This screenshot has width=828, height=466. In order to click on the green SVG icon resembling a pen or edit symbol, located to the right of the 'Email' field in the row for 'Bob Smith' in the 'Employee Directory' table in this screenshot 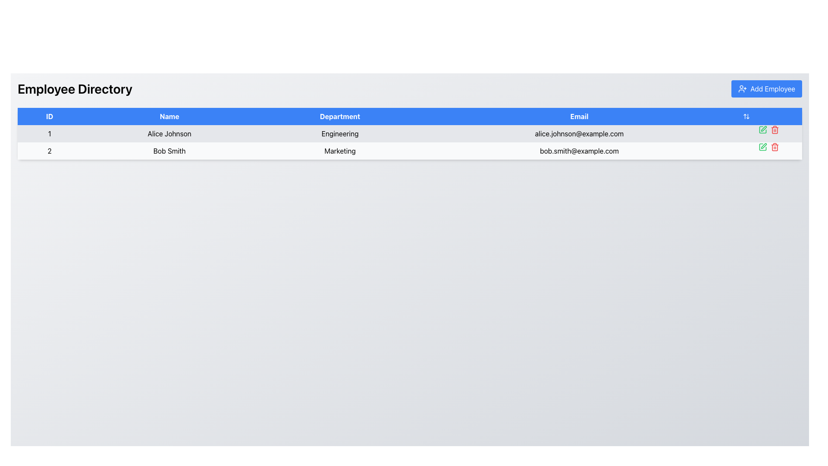, I will do `click(764, 129)`.